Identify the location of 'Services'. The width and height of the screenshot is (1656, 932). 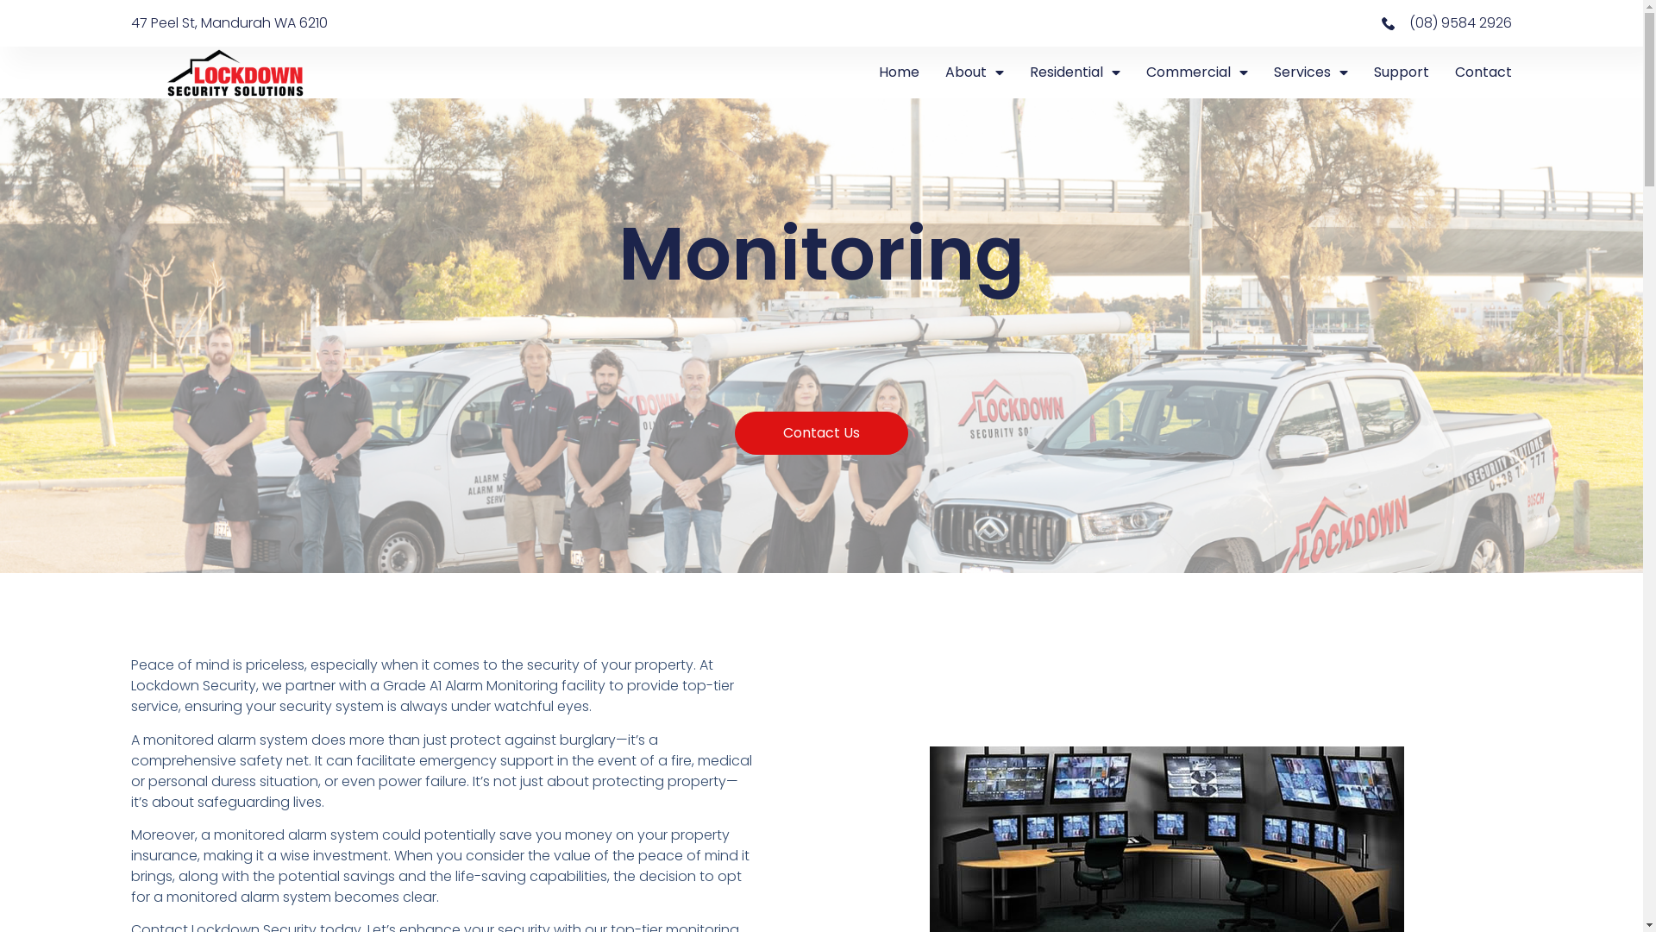
(1311, 72).